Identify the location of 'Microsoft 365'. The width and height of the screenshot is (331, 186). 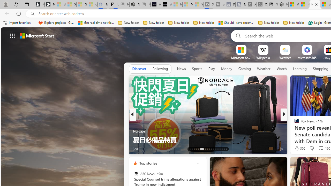
(307, 58).